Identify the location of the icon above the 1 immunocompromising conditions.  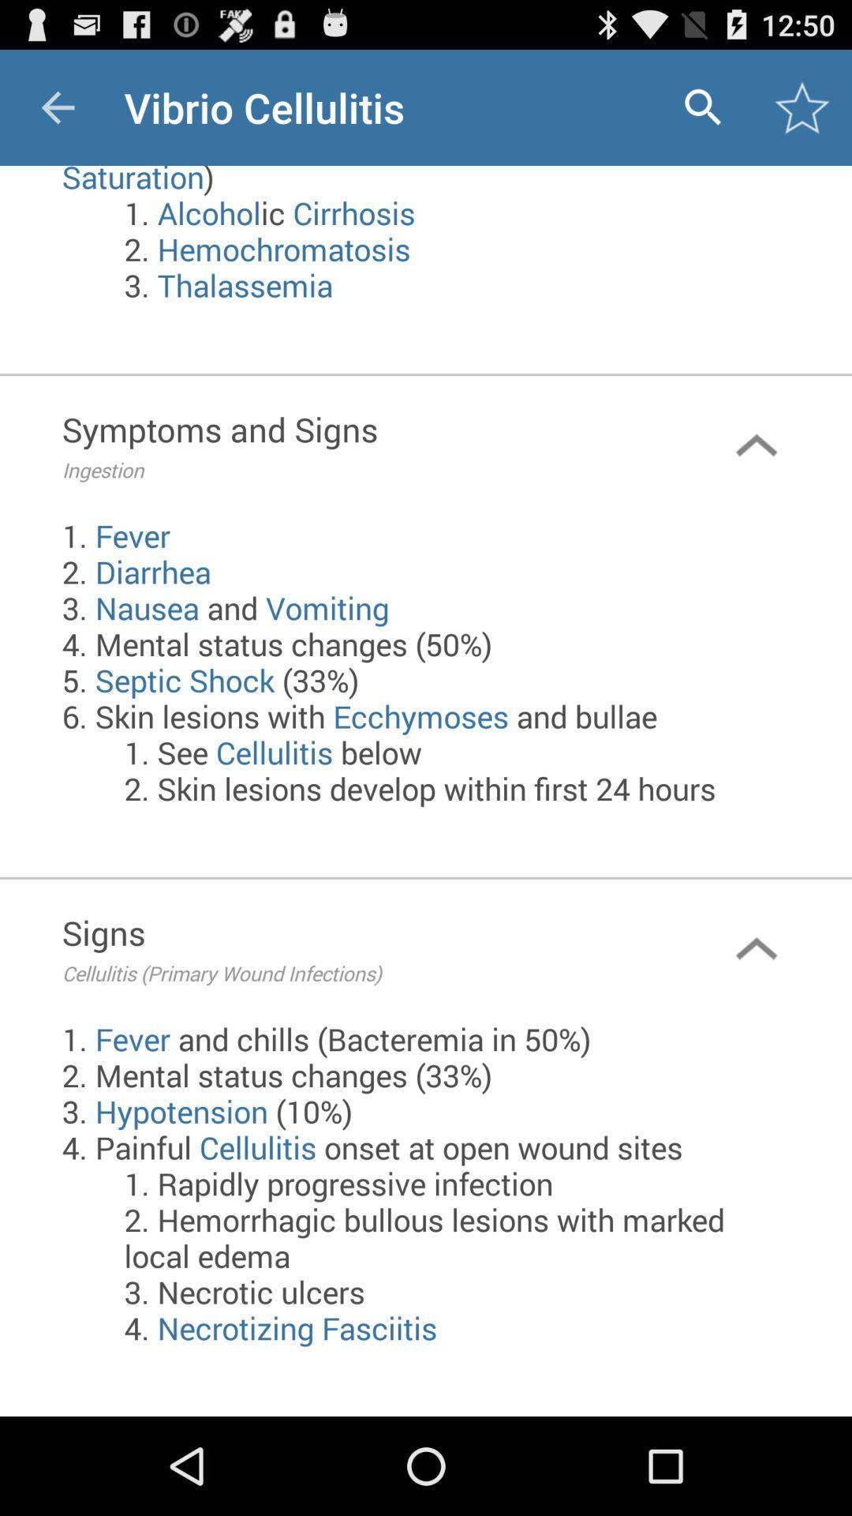
(57, 107).